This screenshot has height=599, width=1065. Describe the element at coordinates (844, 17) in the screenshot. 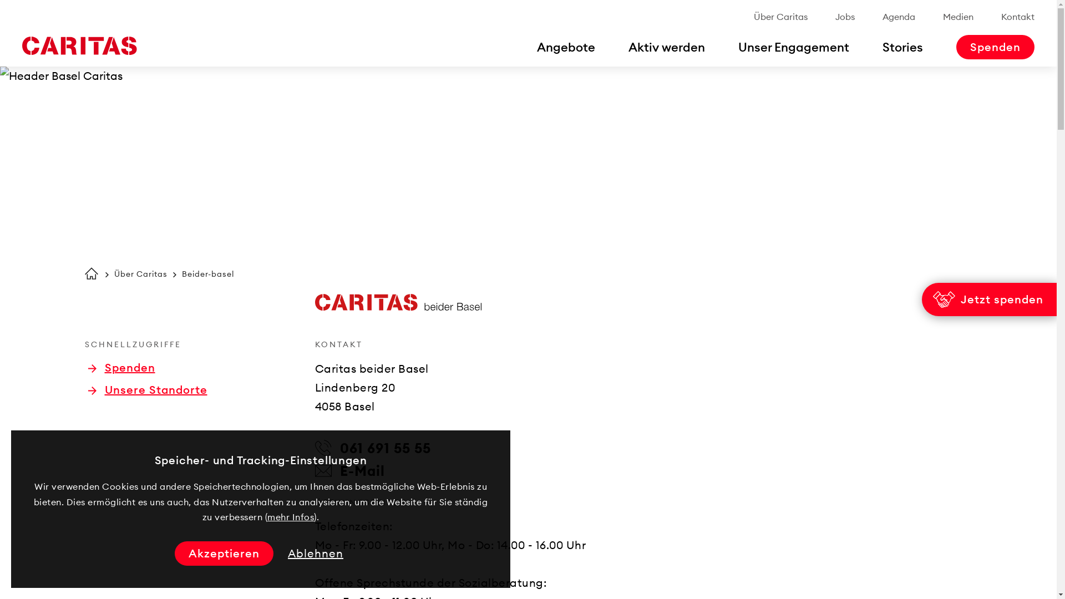

I see `'Jobs'` at that location.